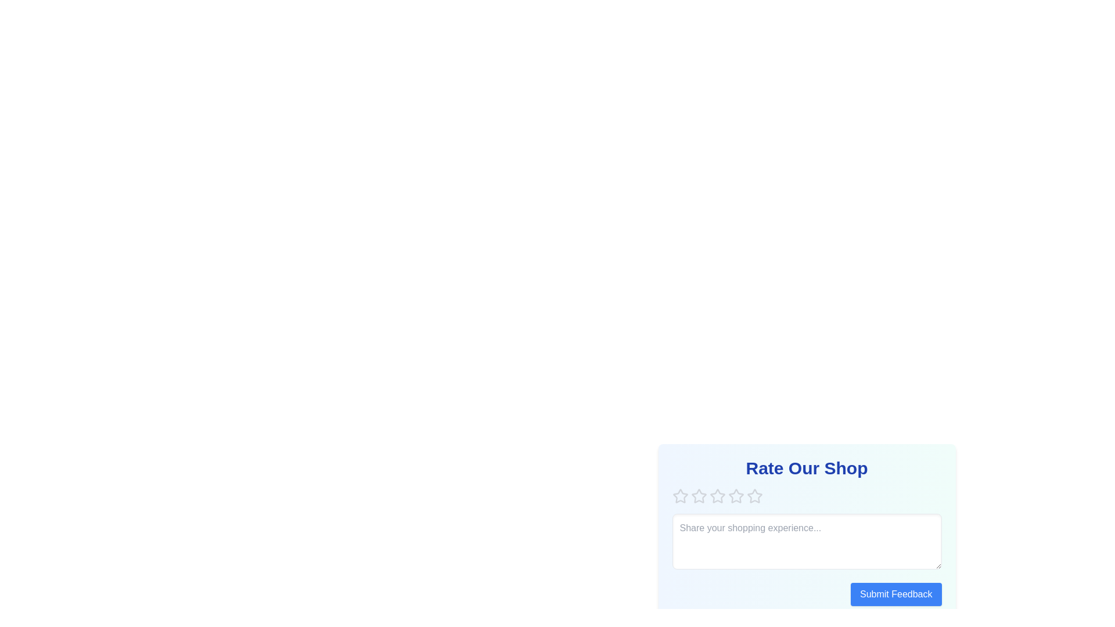 The image size is (1115, 627). I want to click on the 'Submit Feedback' button to submit the feedback form, so click(895, 594).